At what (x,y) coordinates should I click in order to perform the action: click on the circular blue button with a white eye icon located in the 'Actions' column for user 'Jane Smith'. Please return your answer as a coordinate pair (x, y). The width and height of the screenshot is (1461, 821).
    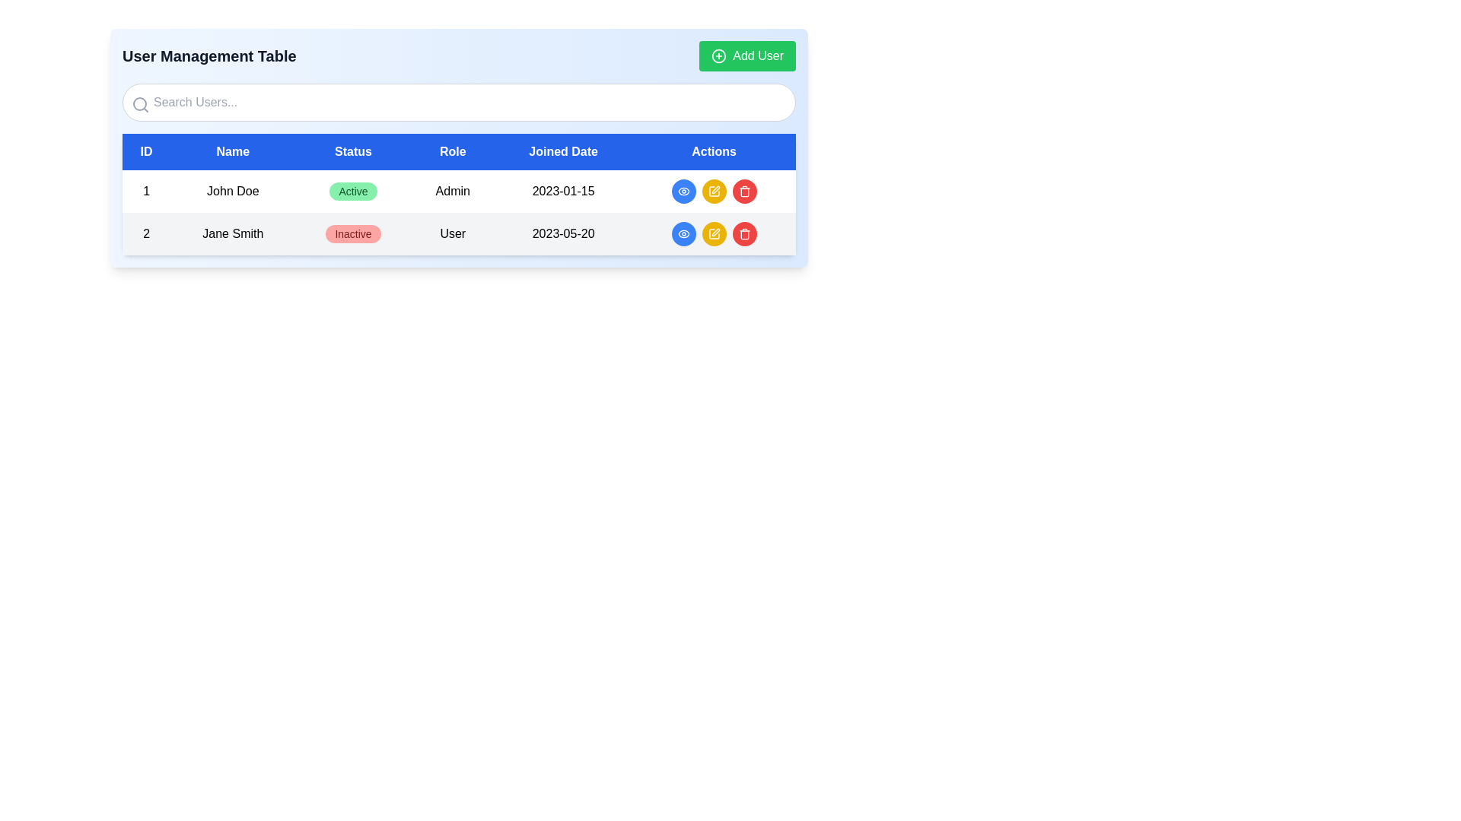
    Looking at the image, I should click on (683, 234).